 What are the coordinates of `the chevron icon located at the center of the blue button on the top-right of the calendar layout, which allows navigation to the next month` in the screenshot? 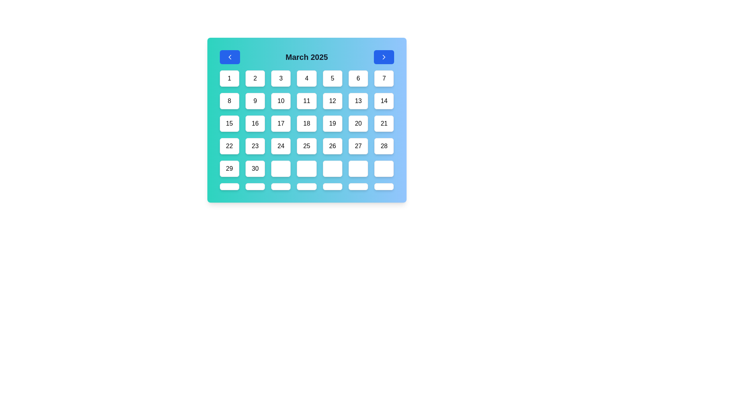 It's located at (384, 56).